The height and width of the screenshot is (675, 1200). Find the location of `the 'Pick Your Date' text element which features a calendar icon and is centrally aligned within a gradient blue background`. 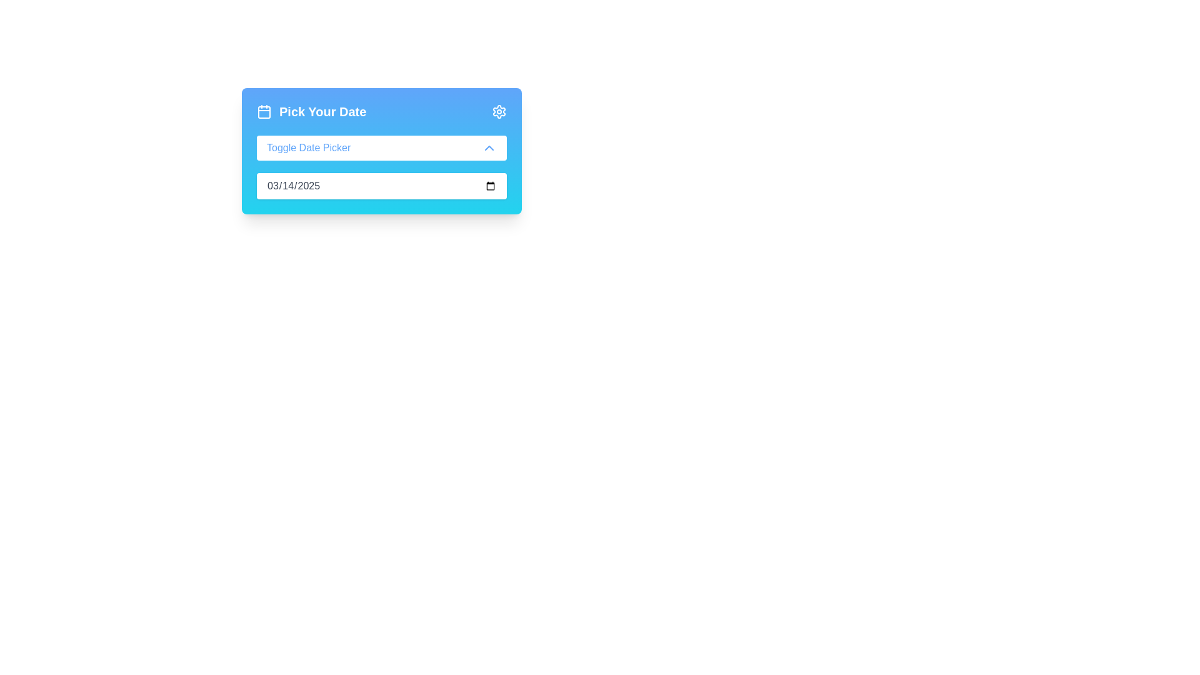

the 'Pick Your Date' text element which features a calendar icon and is centrally aligned within a gradient blue background is located at coordinates (311, 111).